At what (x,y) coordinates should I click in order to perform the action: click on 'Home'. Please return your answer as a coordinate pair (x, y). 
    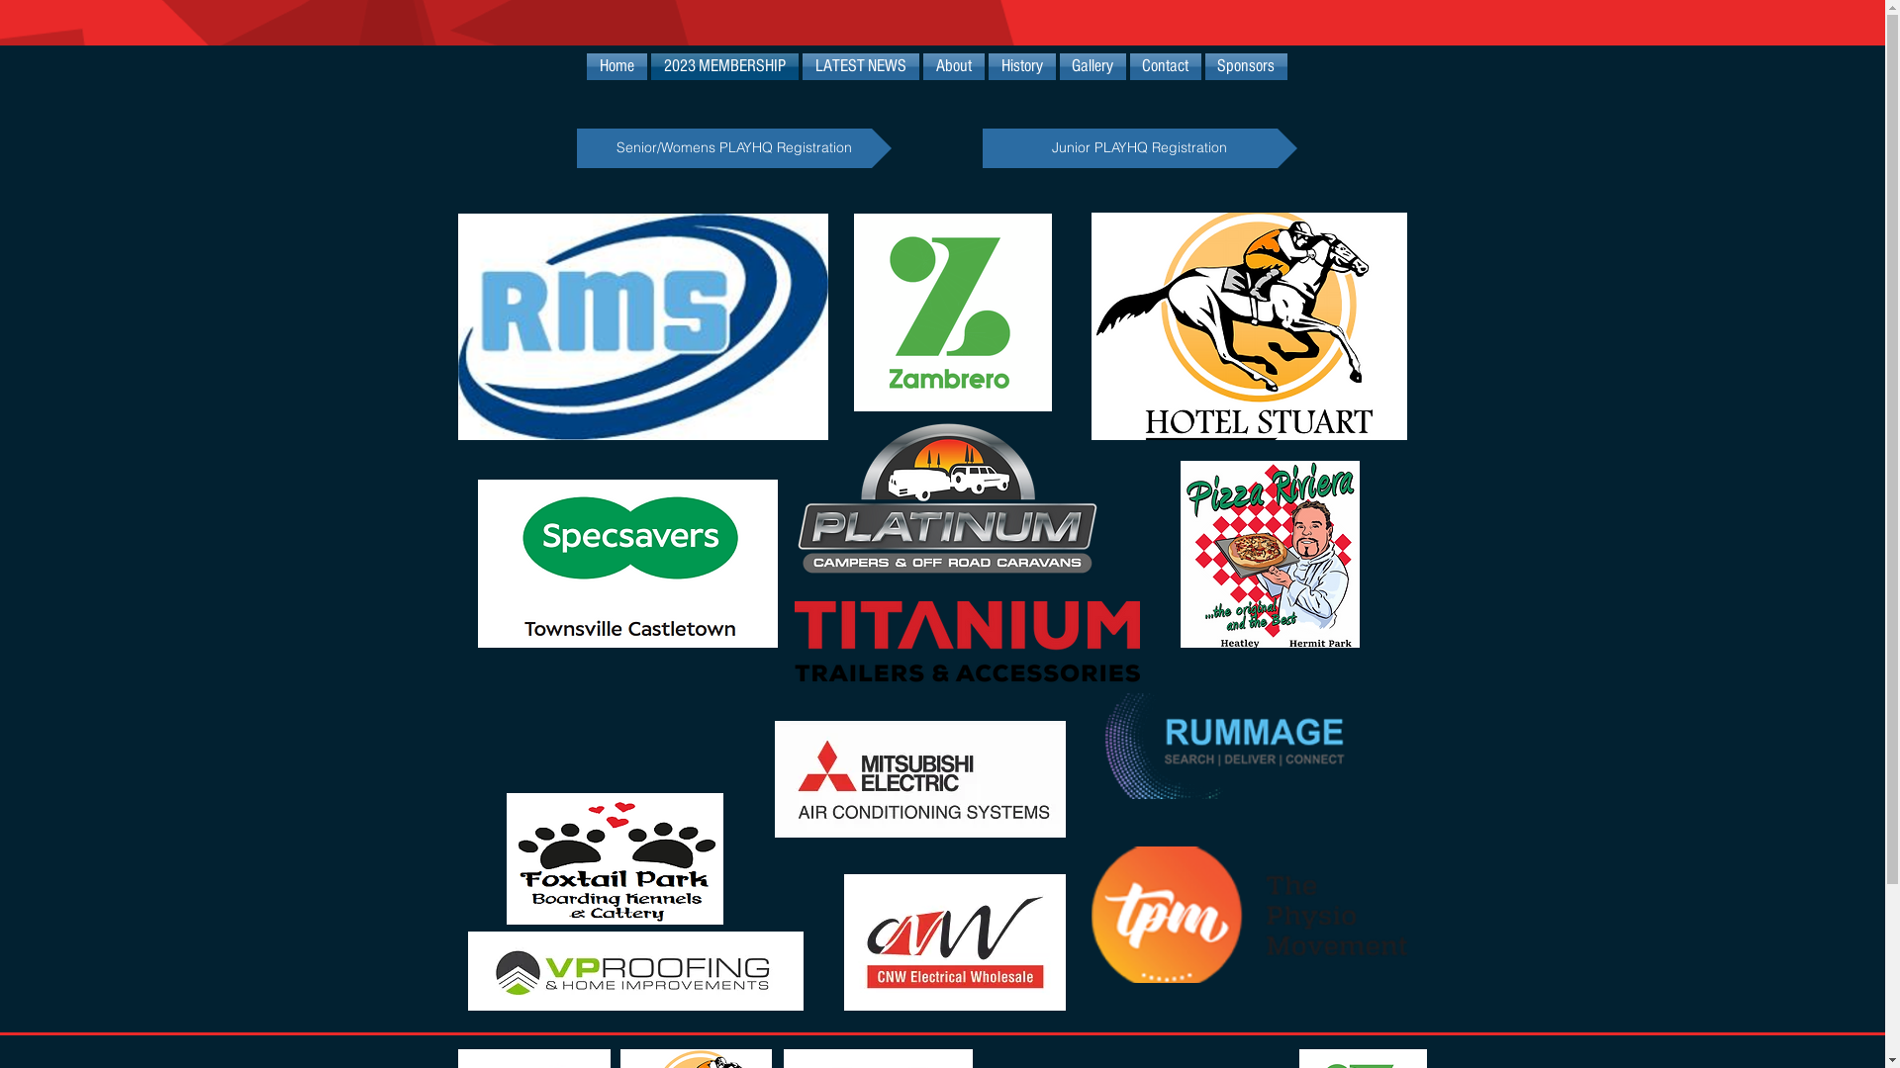
    Looking at the image, I should click on (616, 65).